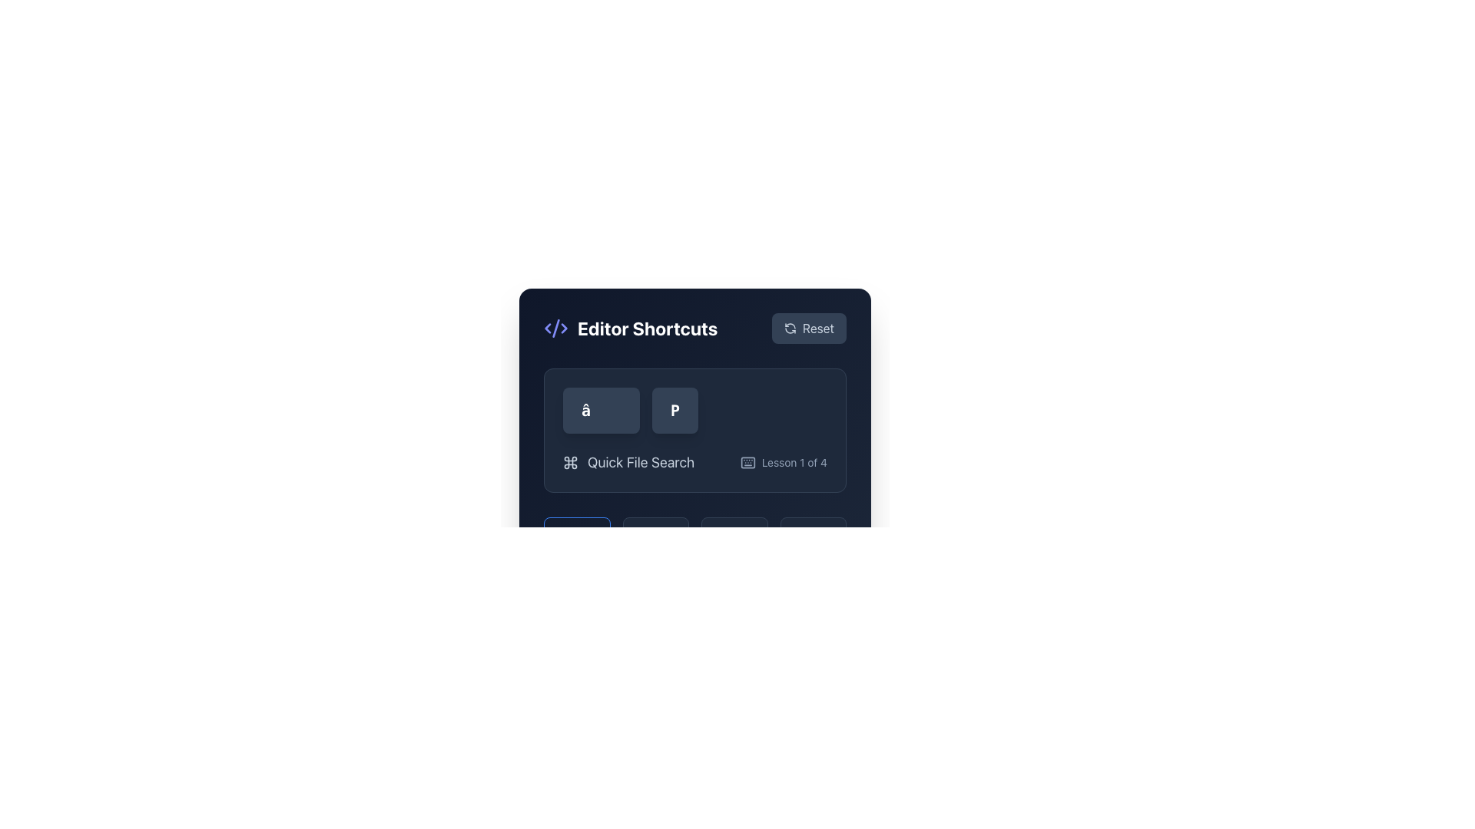 The height and width of the screenshot is (829, 1475). I want to click on the button labeled 'P' located in the second slot of a horizontal group of buttons, positioned in the upper-middle section of the interface, so click(675, 410).